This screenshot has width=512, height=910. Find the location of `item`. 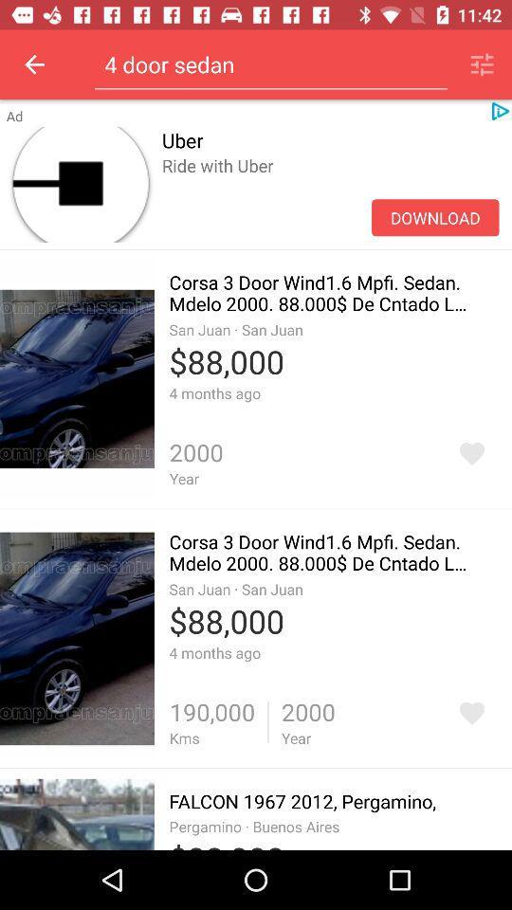

item is located at coordinates (470, 453).